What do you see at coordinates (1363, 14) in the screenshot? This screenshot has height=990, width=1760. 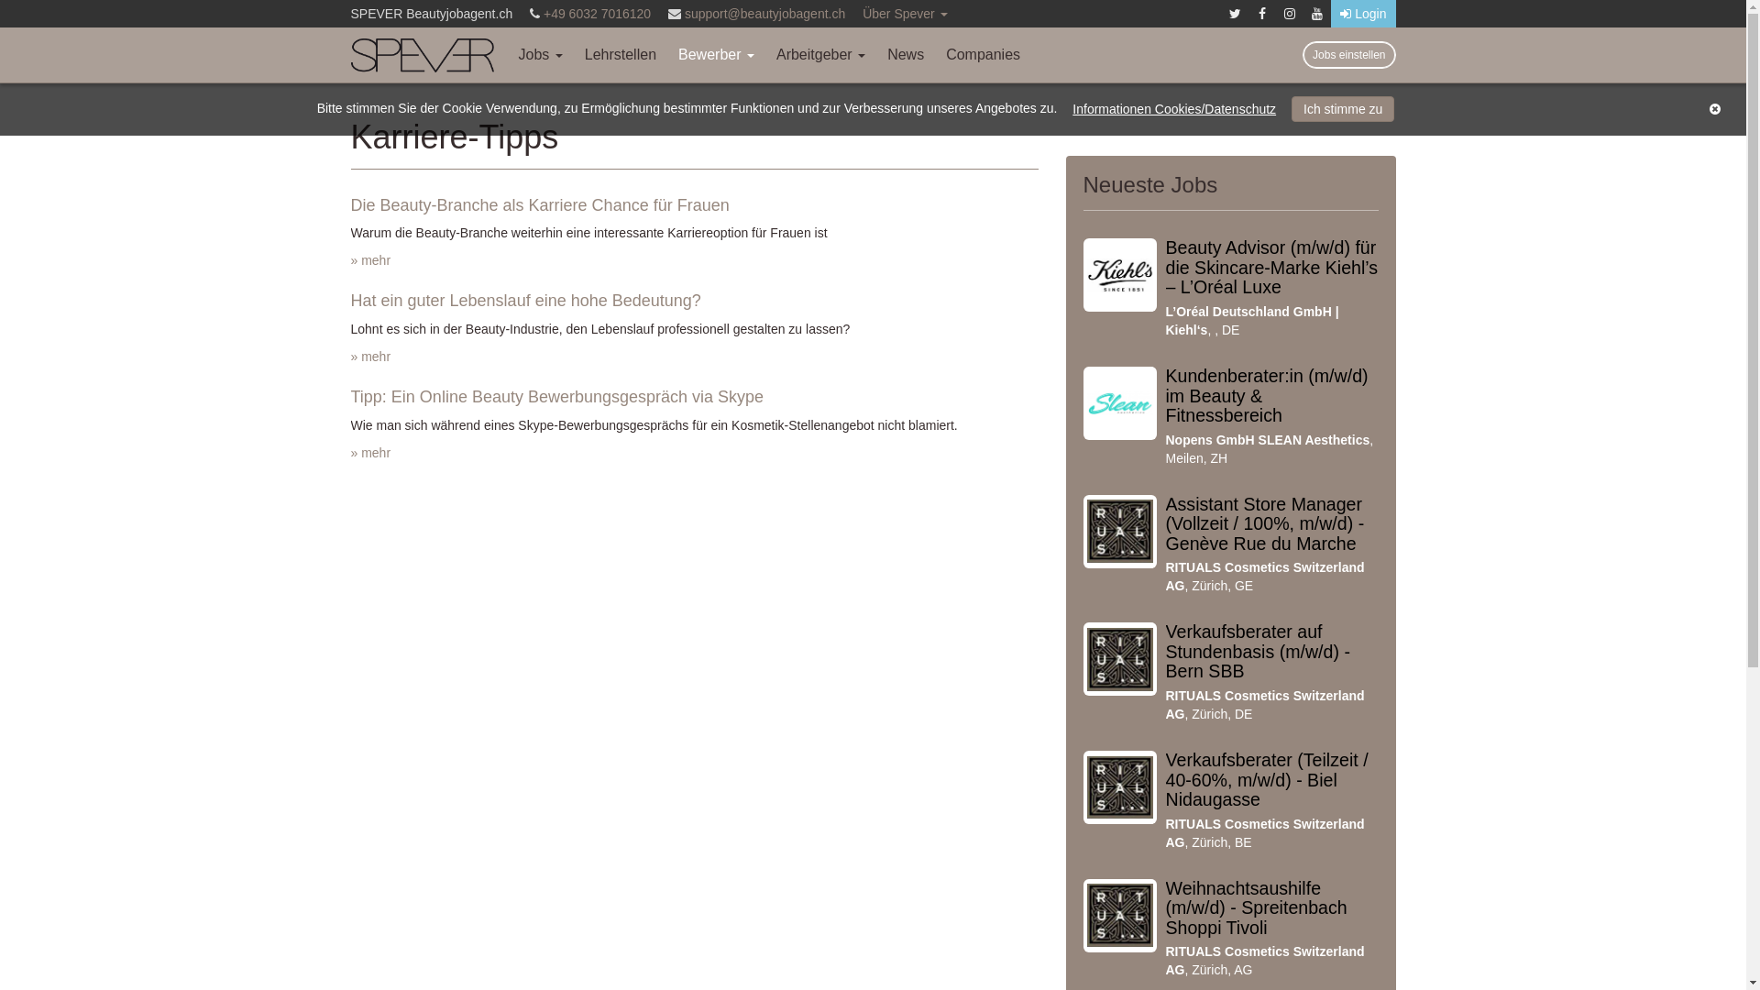 I see `'Login'` at bounding box center [1363, 14].